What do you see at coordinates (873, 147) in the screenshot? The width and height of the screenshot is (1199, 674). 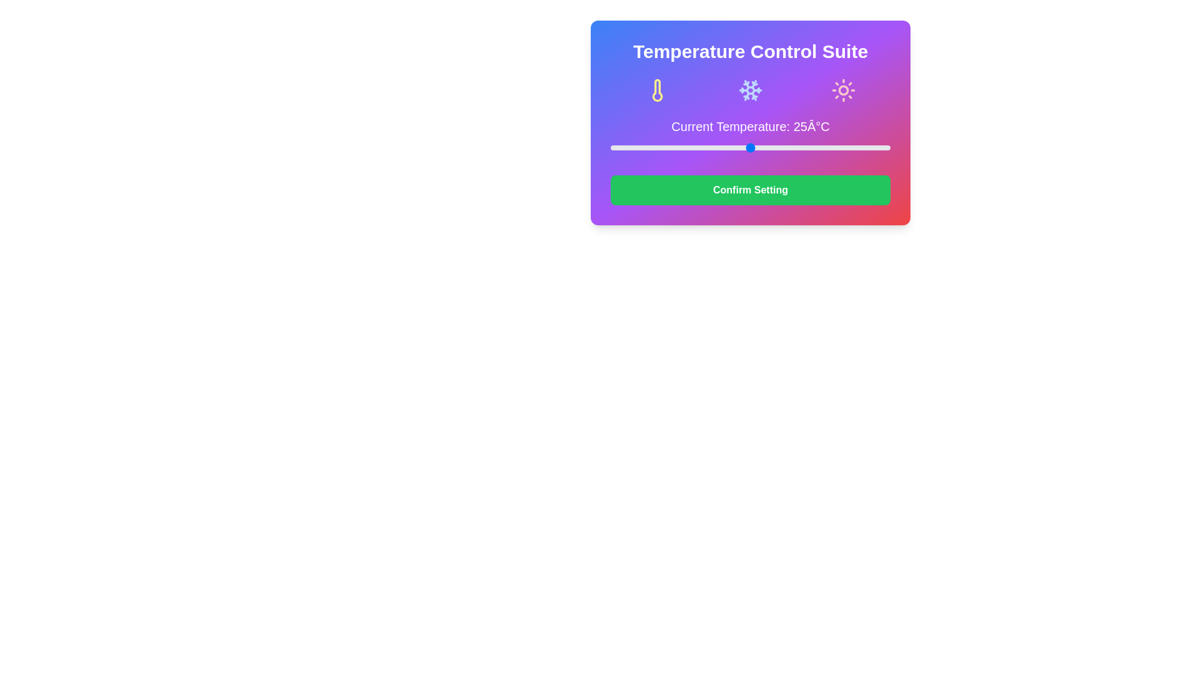 I see `the temperature slider to set the temperature to 47°C` at bounding box center [873, 147].